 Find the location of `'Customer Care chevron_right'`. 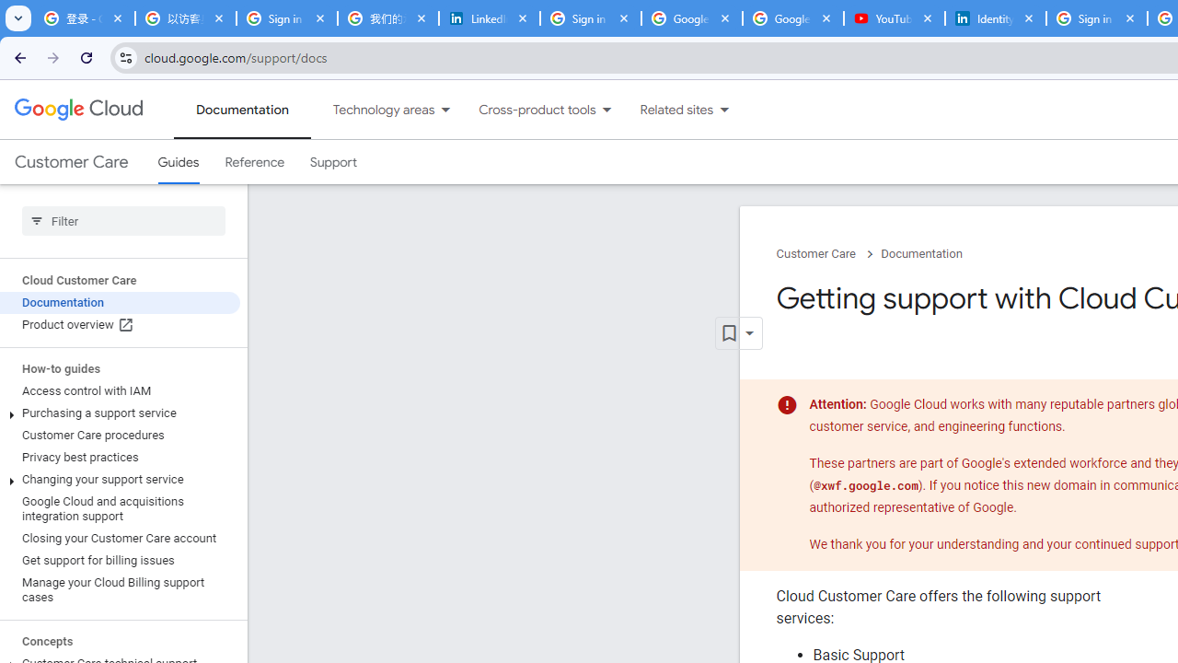

'Customer Care chevron_right' is located at coordinates (827, 254).